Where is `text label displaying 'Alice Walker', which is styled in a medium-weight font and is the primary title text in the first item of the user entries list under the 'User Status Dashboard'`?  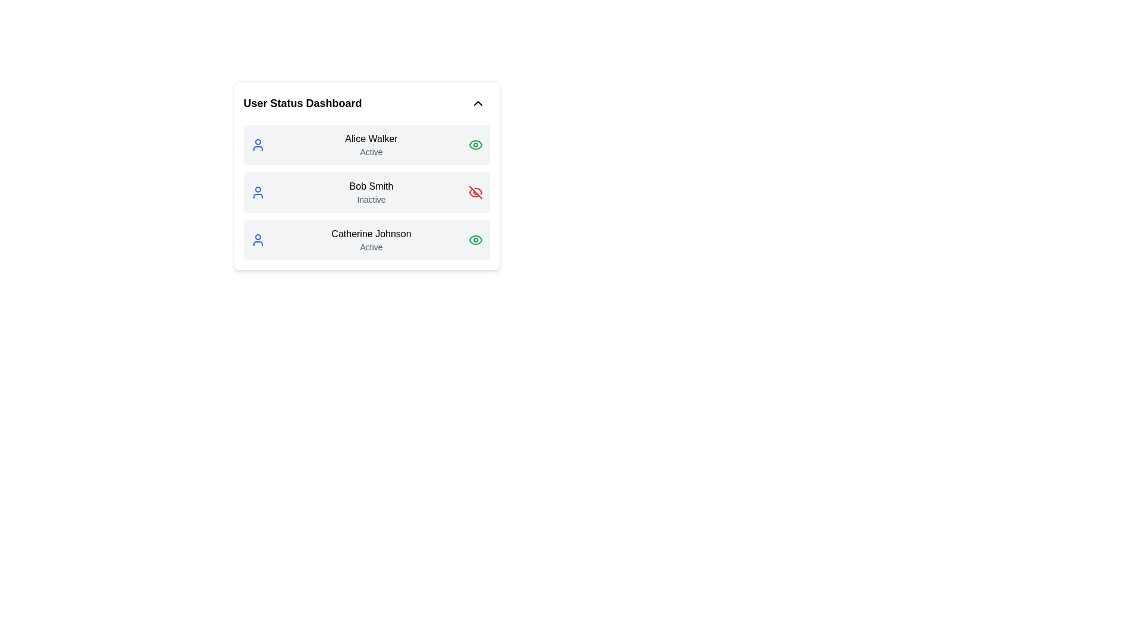 text label displaying 'Alice Walker', which is styled in a medium-weight font and is the primary title text in the first item of the user entries list under the 'User Status Dashboard' is located at coordinates (371, 139).